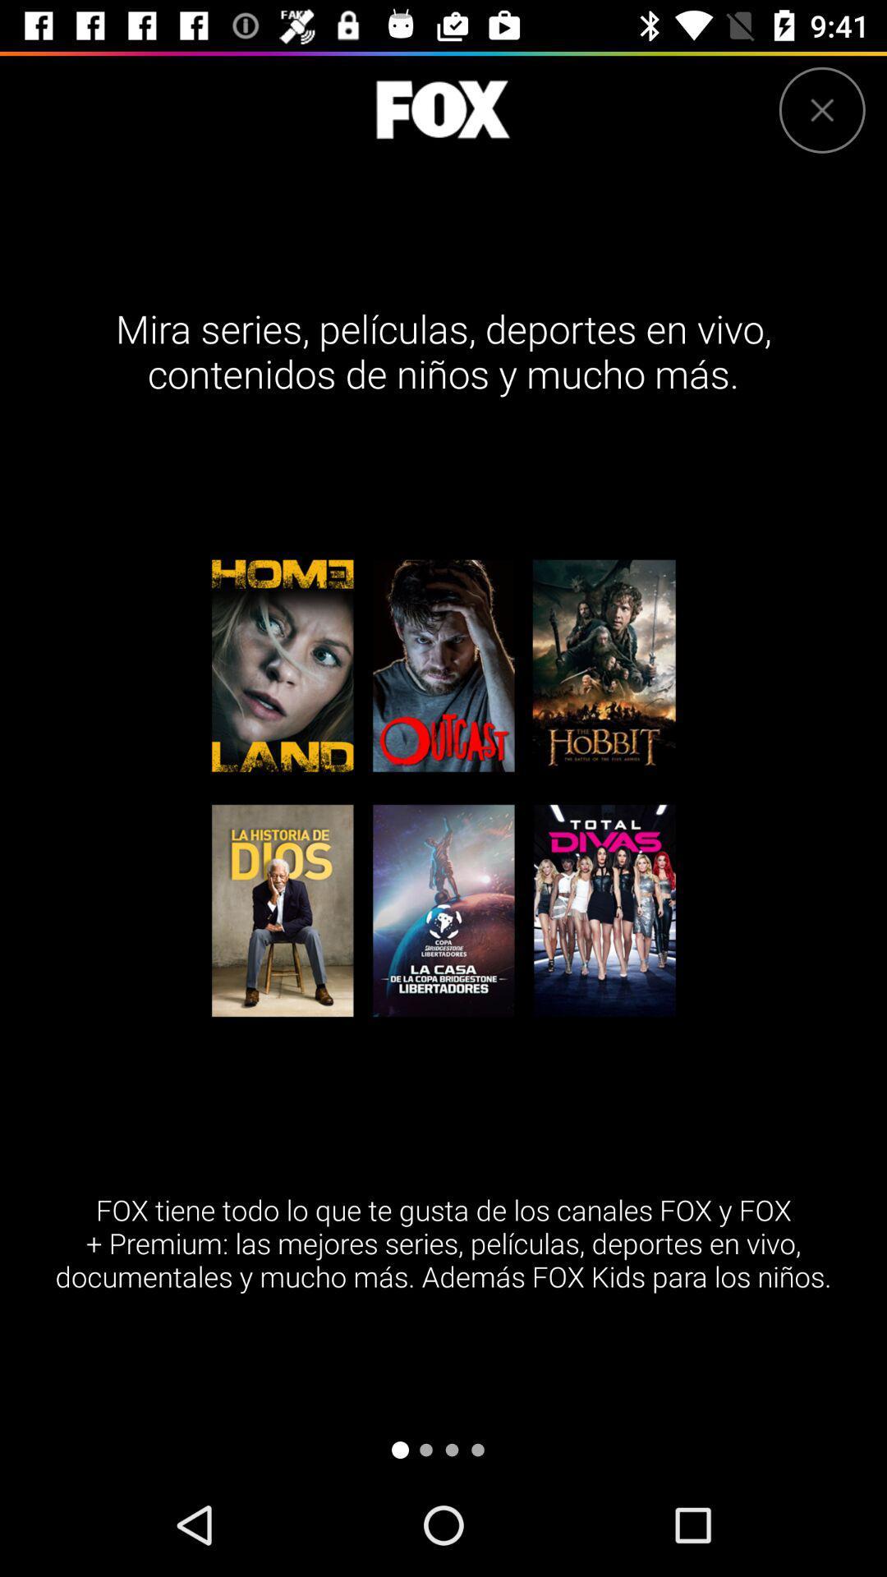  I want to click on the page, so click(822, 109).